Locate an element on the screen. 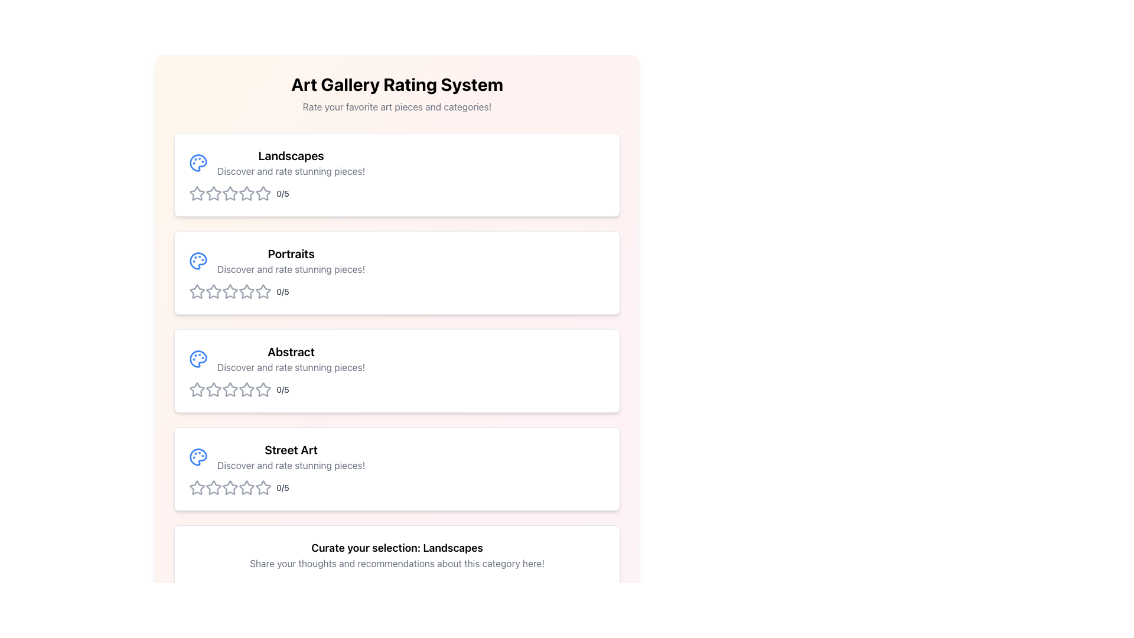  the text label displaying 'Abstract', which is styled prominently as a heading or title in bold and larger font size, indicating it as the third section in the vertically stacked list is located at coordinates (291, 351).